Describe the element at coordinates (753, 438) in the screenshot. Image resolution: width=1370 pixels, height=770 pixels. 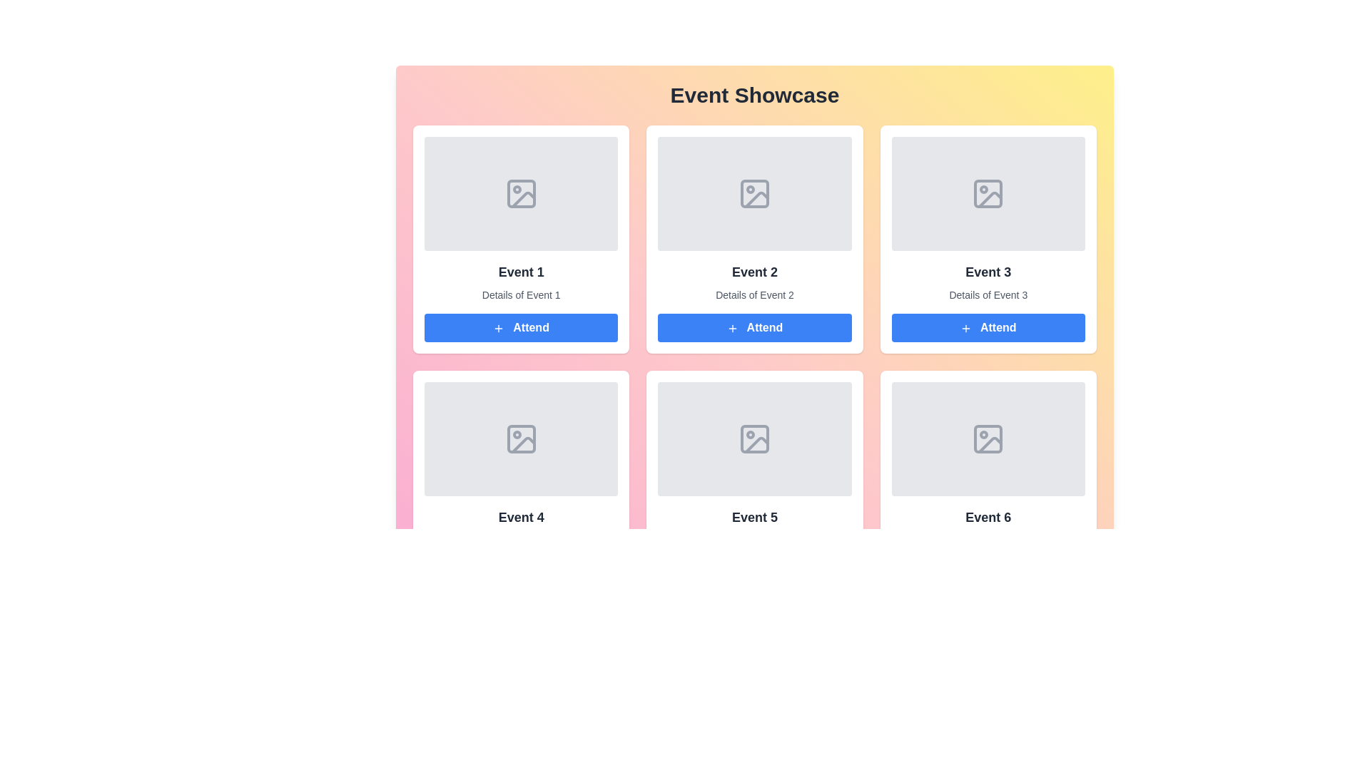
I see `the Icon component element, which is a decorative rectangle representing an image placeholder, located in the center of the fifth event card in the second row of the event grid` at that location.